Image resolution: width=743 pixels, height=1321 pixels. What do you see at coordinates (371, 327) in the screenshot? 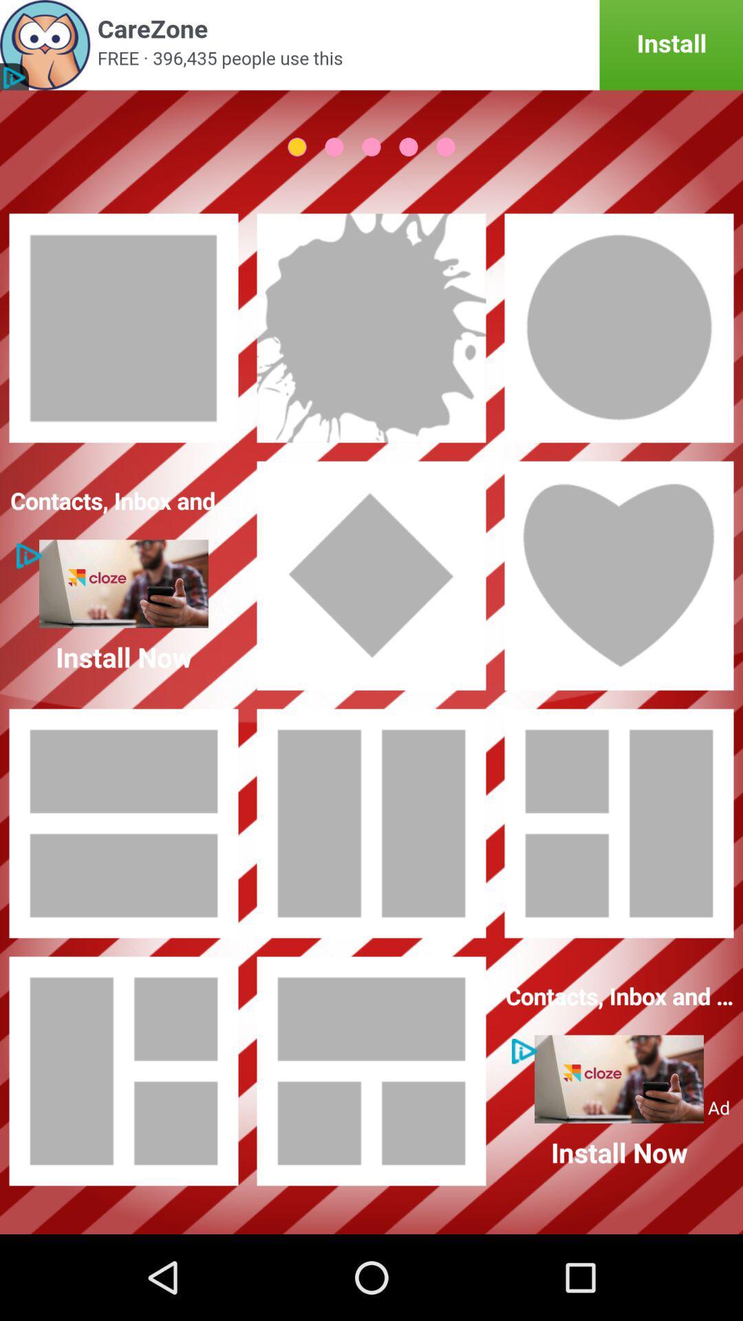
I see `choose photo grid with one picture splatter edged option` at bounding box center [371, 327].